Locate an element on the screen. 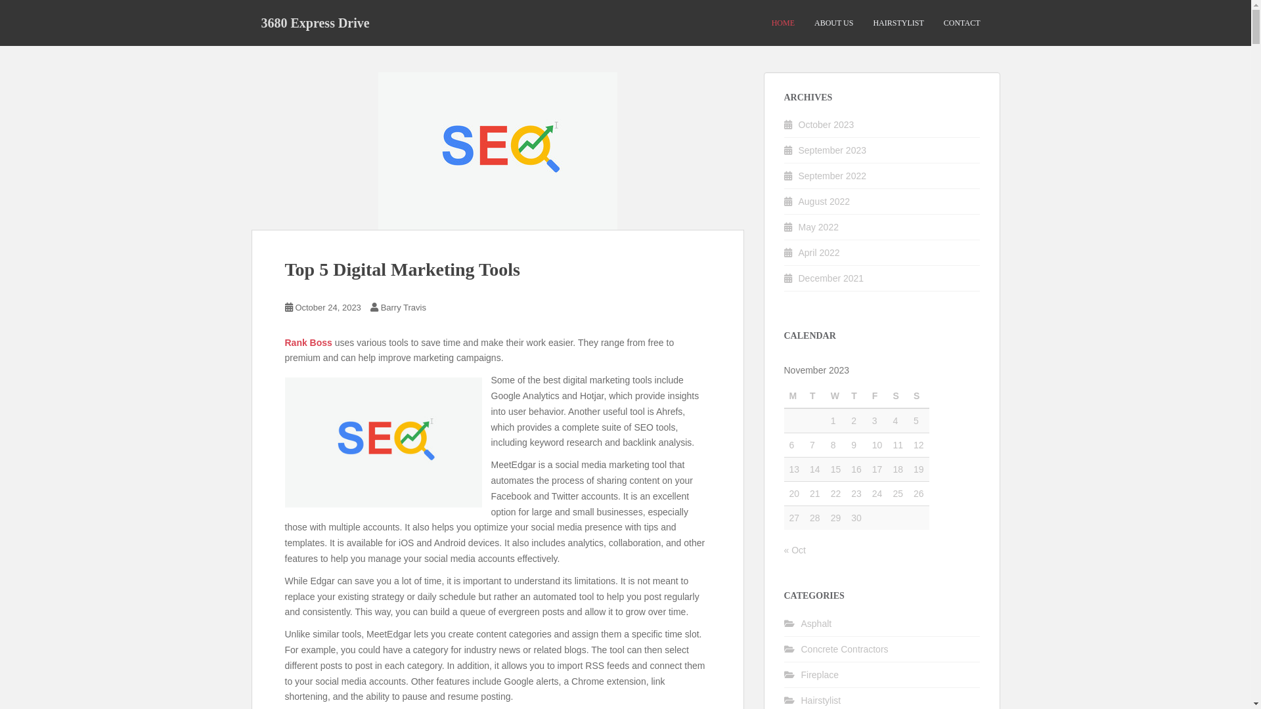 This screenshot has height=709, width=1261. 'HOME' is located at coordinates (783, 22).